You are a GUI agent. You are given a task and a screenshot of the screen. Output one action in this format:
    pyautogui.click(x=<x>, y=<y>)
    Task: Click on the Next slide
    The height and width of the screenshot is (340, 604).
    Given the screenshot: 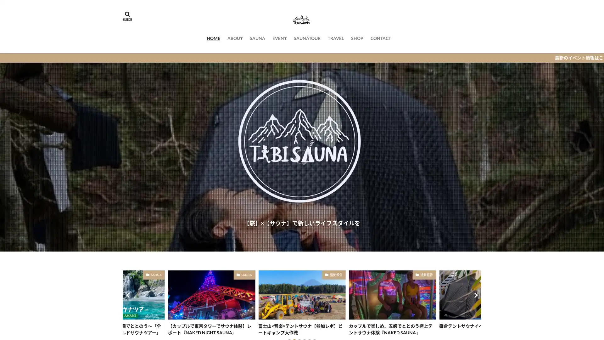 What is the action you would take?
    pyautogui.click(x=475, y=295)
    